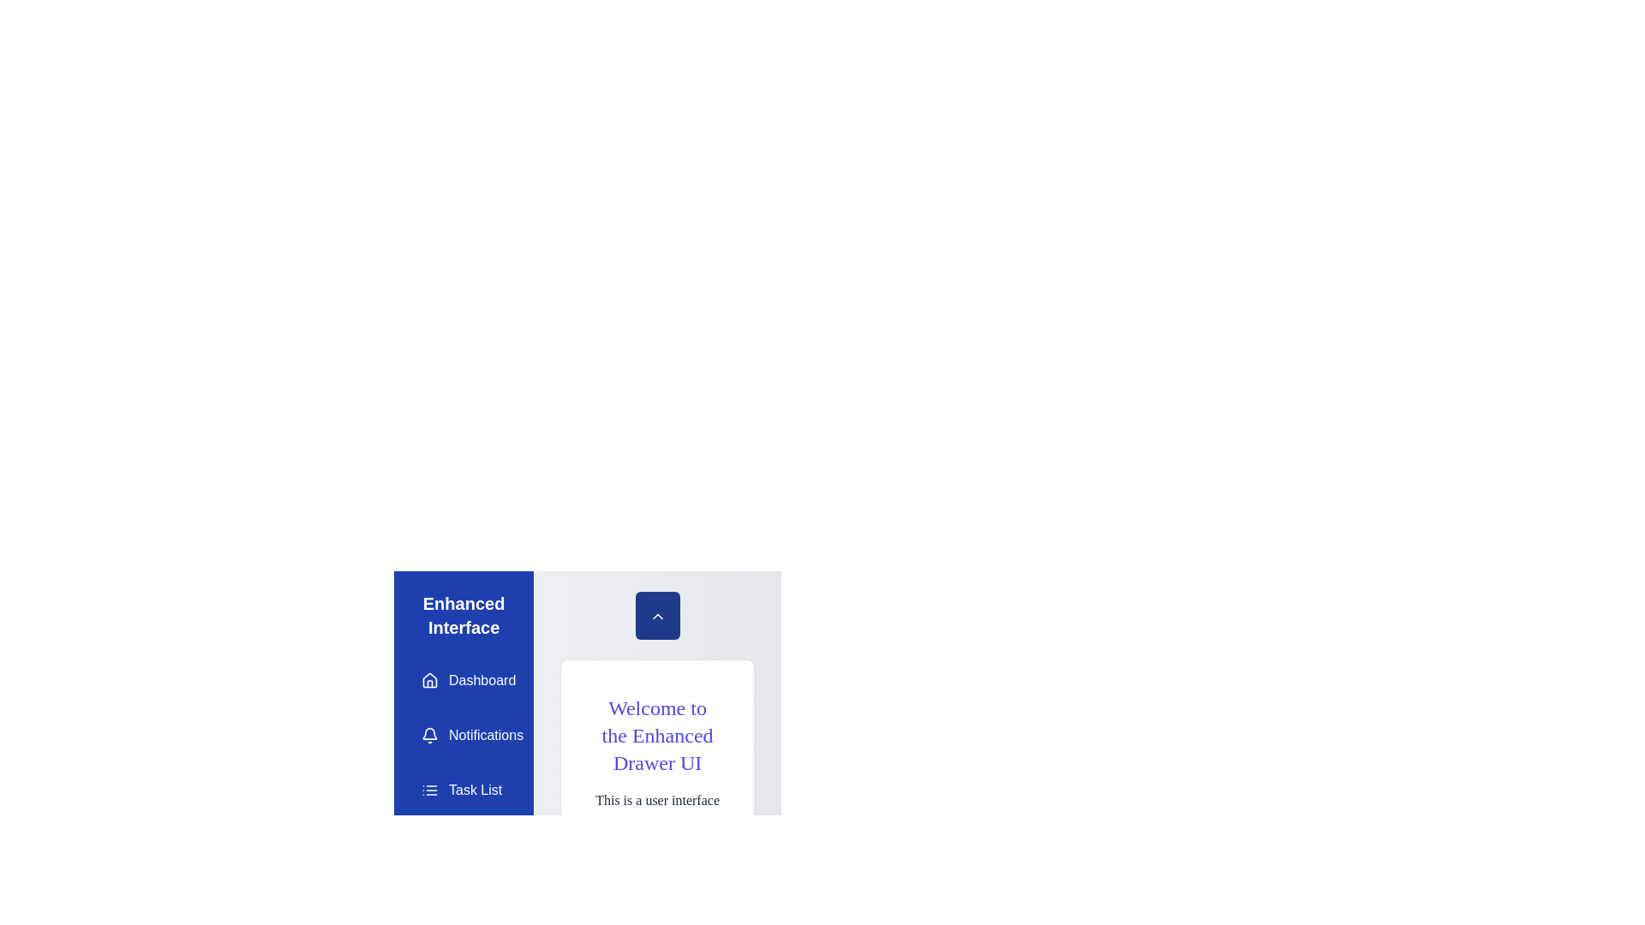  I want to click on toggle button to toggle the drawer's visibility, so click(656, 614).